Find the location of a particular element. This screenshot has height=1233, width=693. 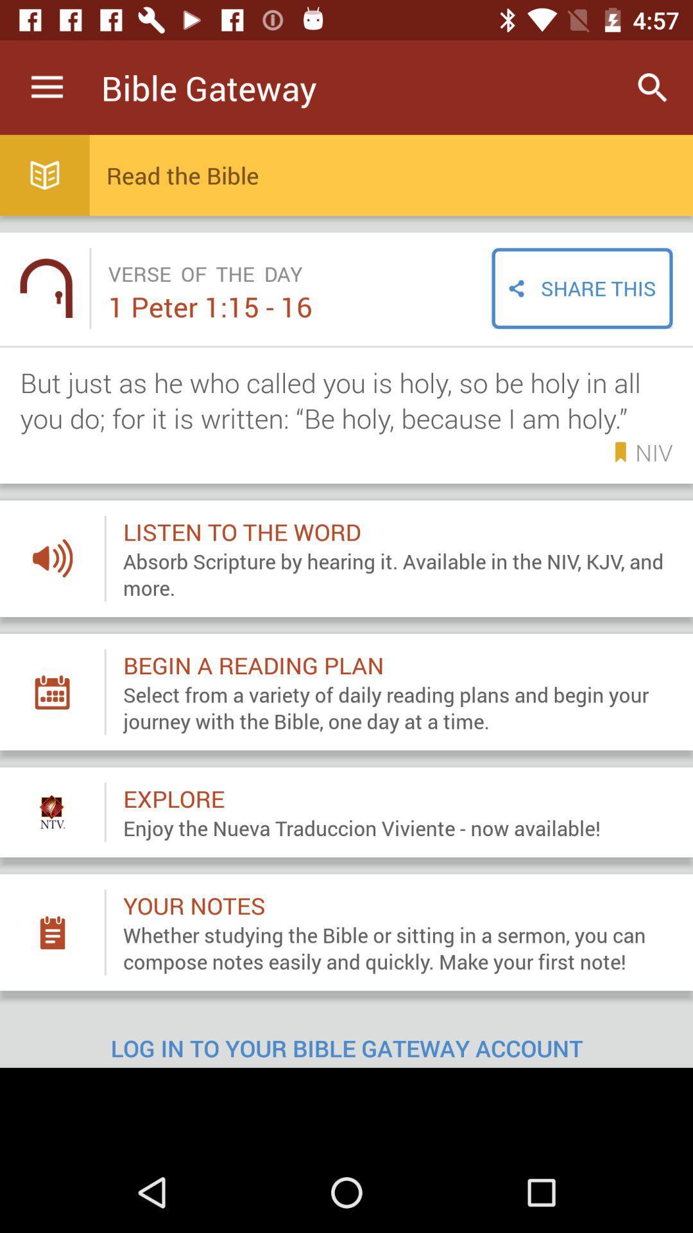

the icon next to the bible gateway app is located at coordinates (46, 87).